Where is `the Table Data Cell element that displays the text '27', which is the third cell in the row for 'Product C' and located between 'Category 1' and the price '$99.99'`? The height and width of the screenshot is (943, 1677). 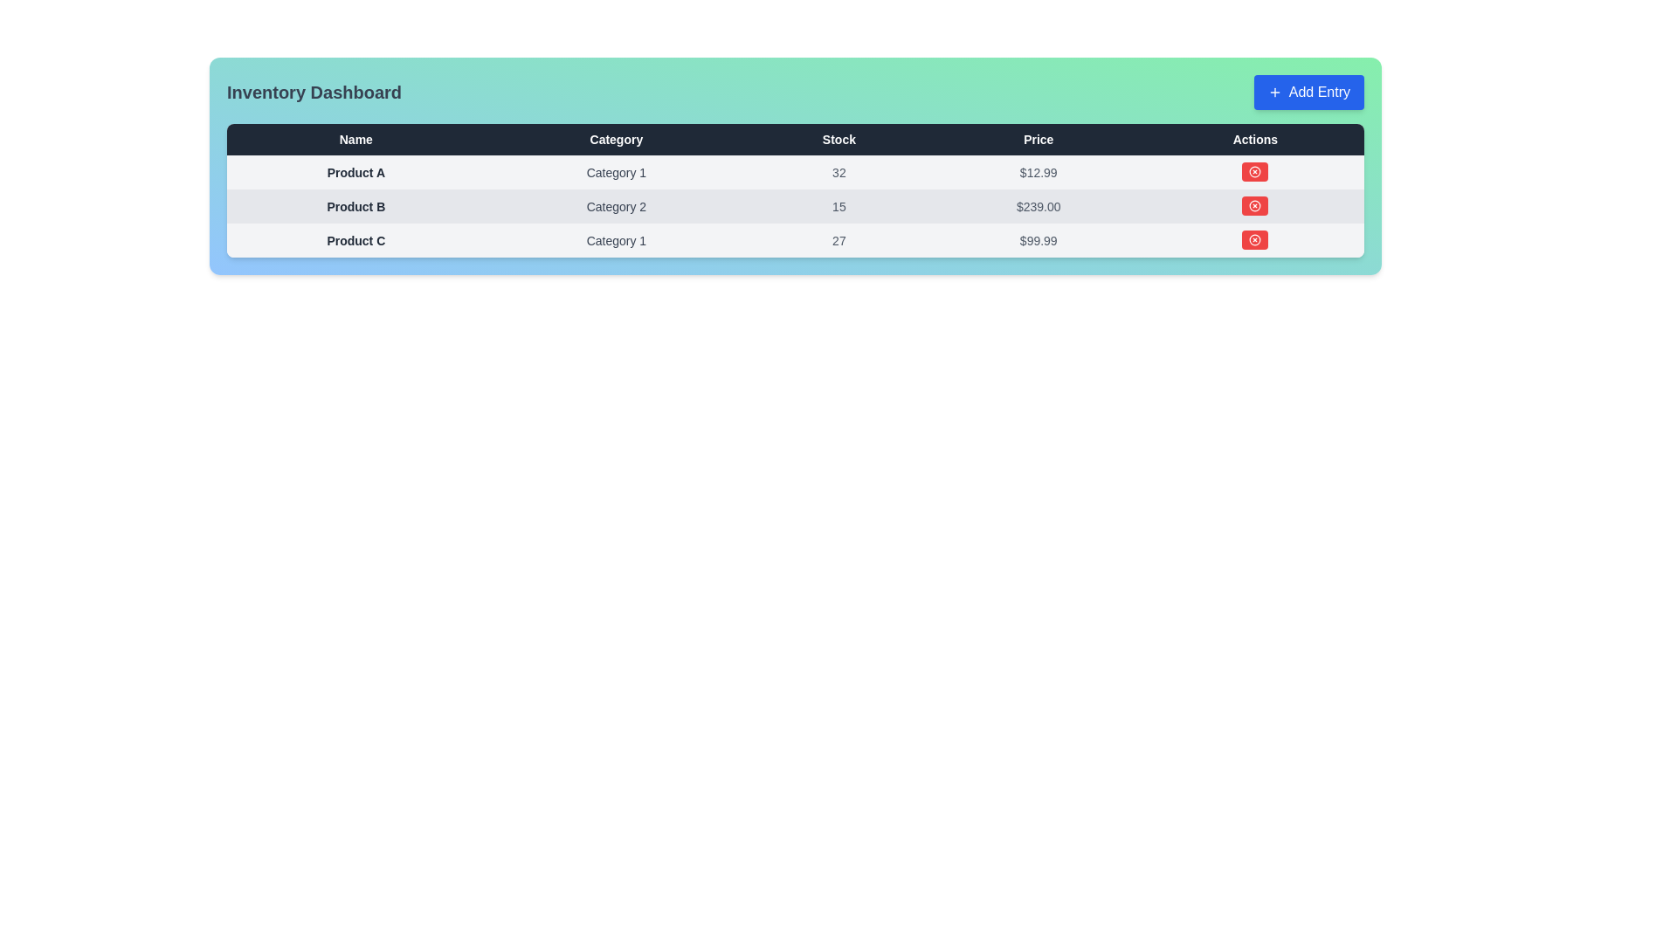 the Table Data Cell element that displays the text '27', which is the third cell in the row for 'Product C' and located between 'Category 1' and the price '$99.99' is located at coordinates (838, 240).